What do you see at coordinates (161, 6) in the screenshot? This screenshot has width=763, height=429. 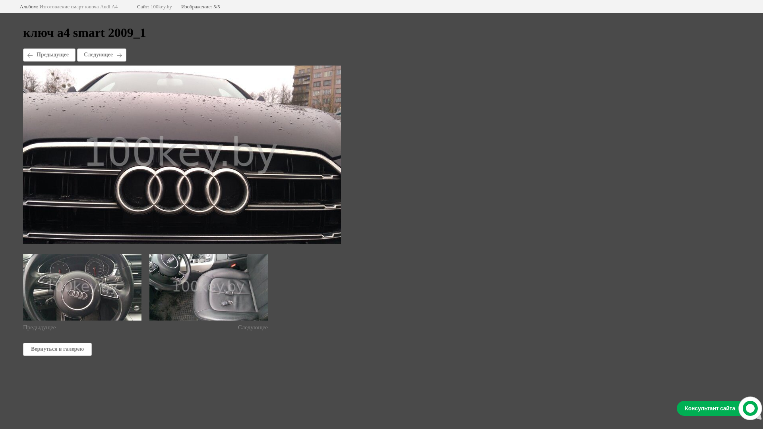 I see `'100key.by'` at bounding box center [161, 6].